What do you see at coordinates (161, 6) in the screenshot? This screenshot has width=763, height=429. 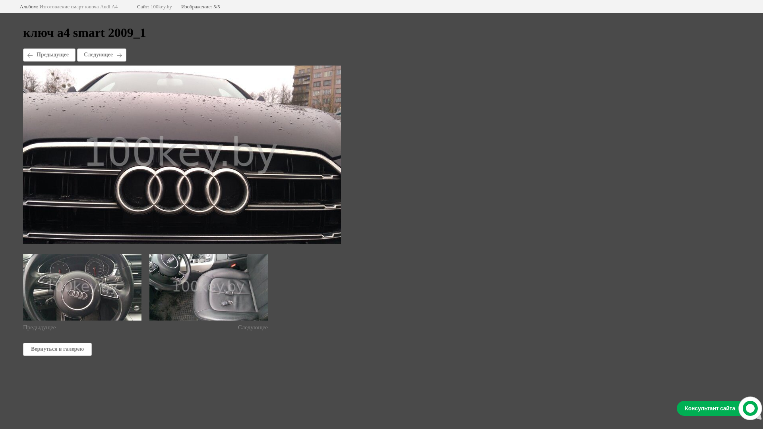 I see `'100key.by'` at bounding box center [161, 6].